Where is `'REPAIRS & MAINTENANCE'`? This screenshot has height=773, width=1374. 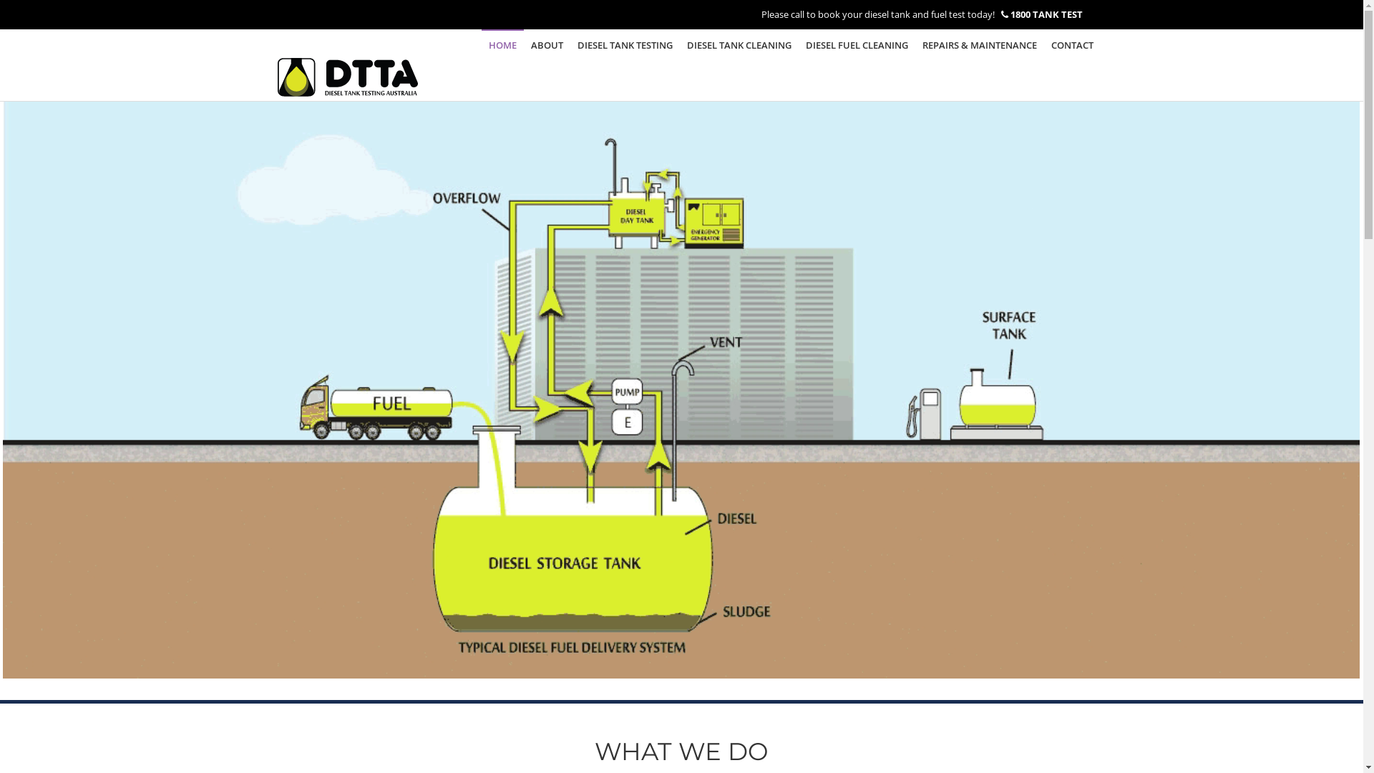 'REPAIRS & MAINTENANCE' is located at coordinates (978, 44).